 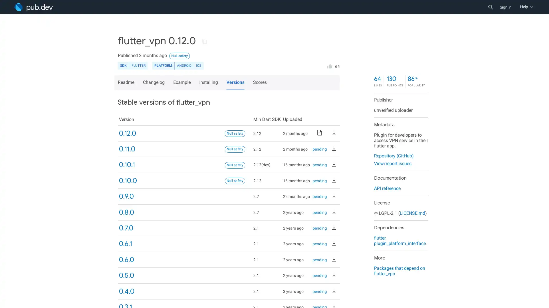 I want to click on Like this package, so click(x=329, y=65).